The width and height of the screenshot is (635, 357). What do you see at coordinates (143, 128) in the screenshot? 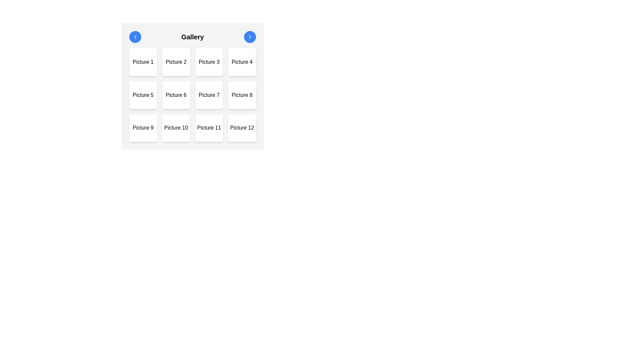
I see `the gallery grid item labeled 'Picture 9' located in the third row, first column` at bounding box center [143, 128].